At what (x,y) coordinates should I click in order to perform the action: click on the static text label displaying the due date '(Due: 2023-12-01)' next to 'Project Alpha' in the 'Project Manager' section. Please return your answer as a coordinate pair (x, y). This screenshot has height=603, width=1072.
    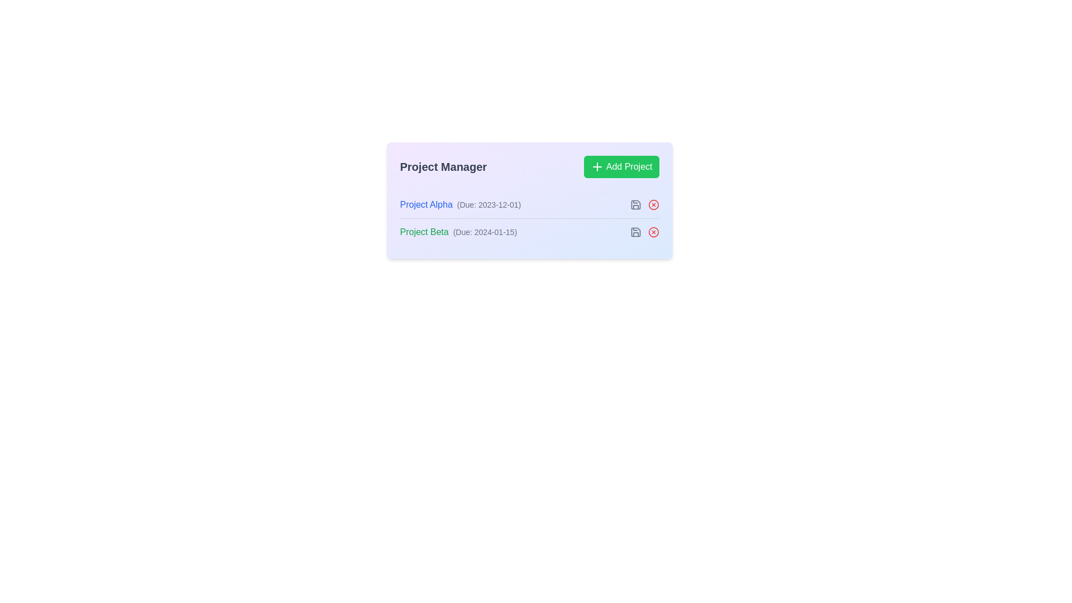
    Looking at the image, I should click on (489, 204).